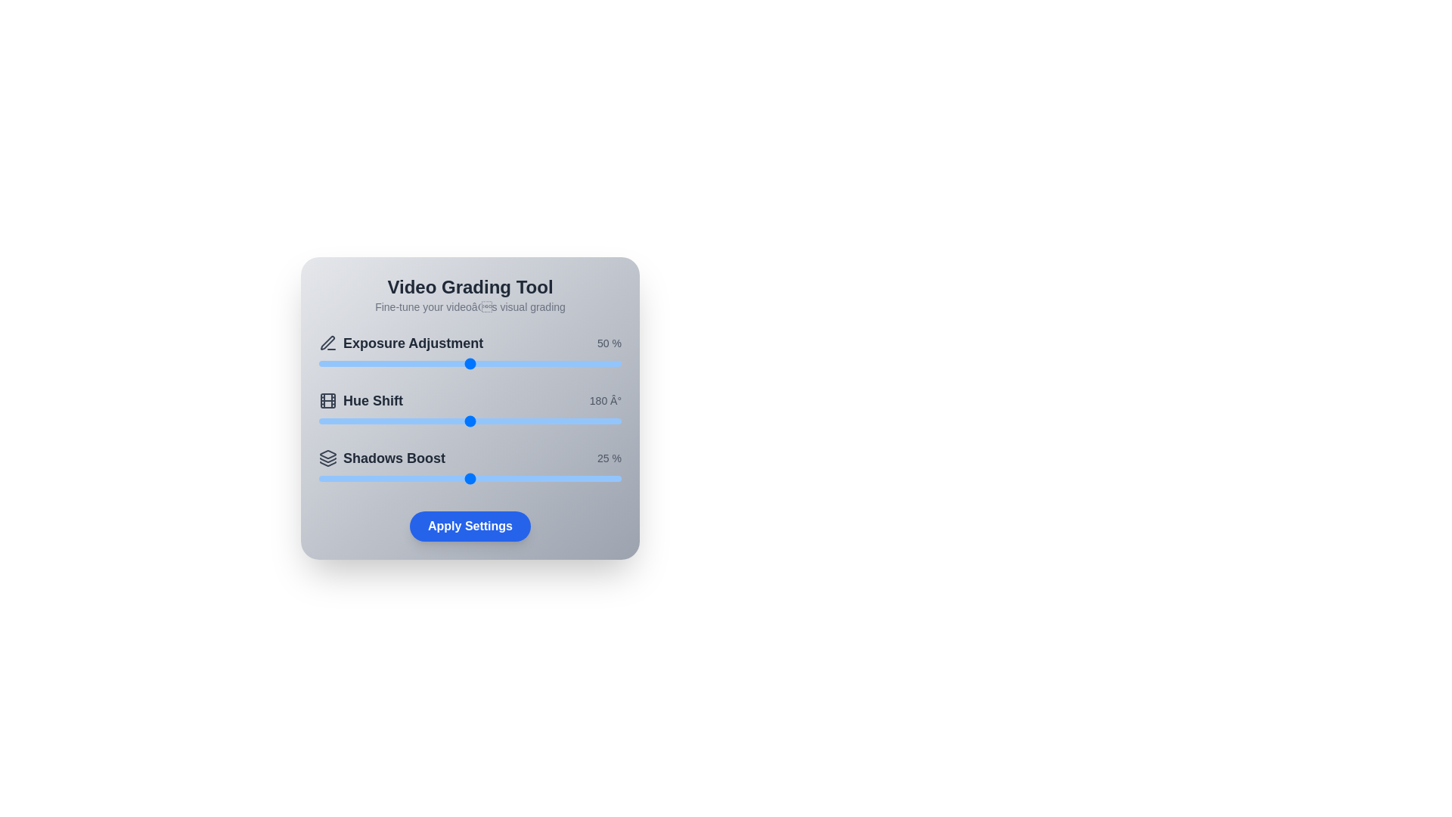  I want to click on the 'Shadows Boost' slider, so click(507, 478).